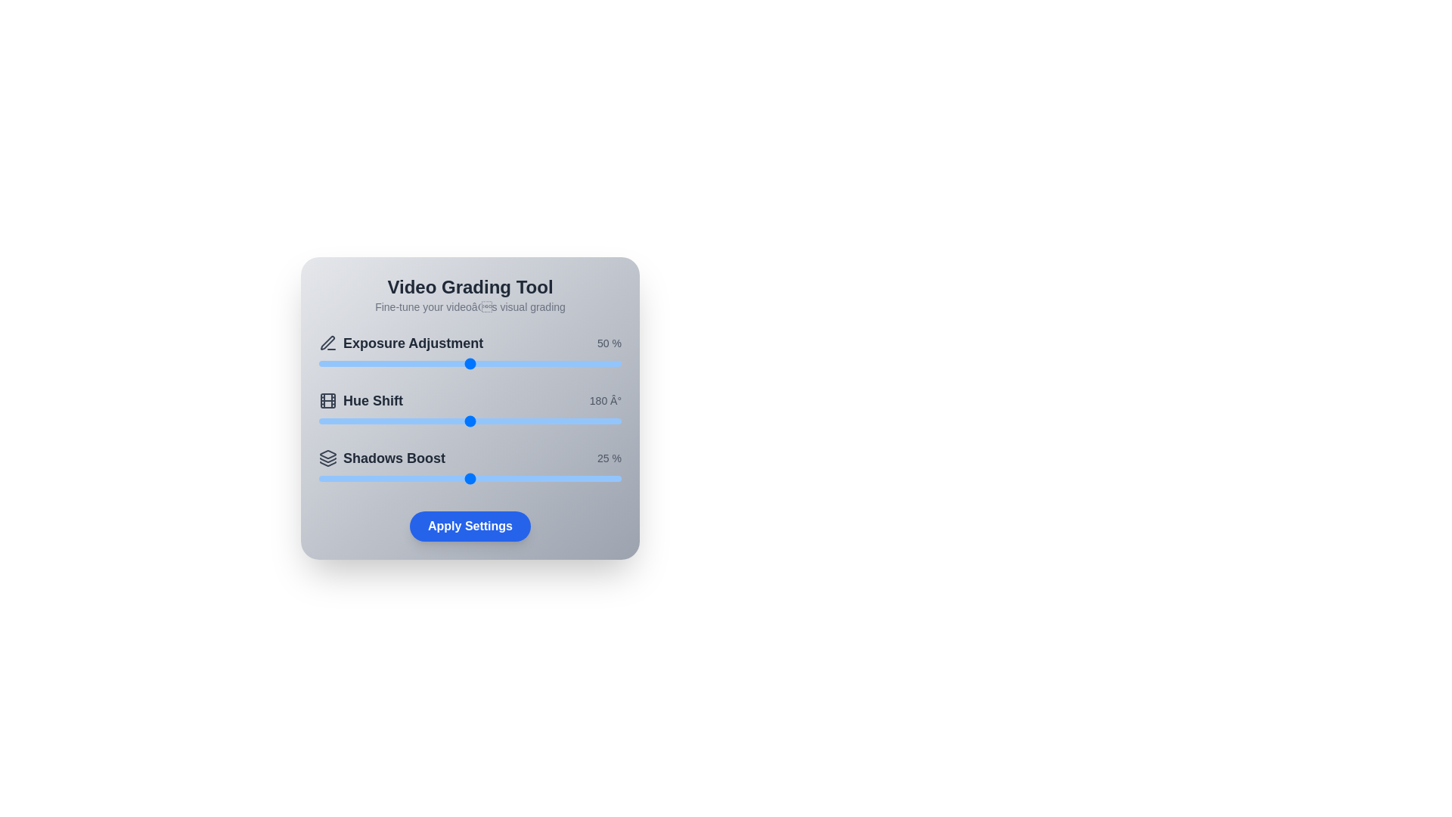  I want to click on the 'Shadows Boost' slider, so click(507, 478).